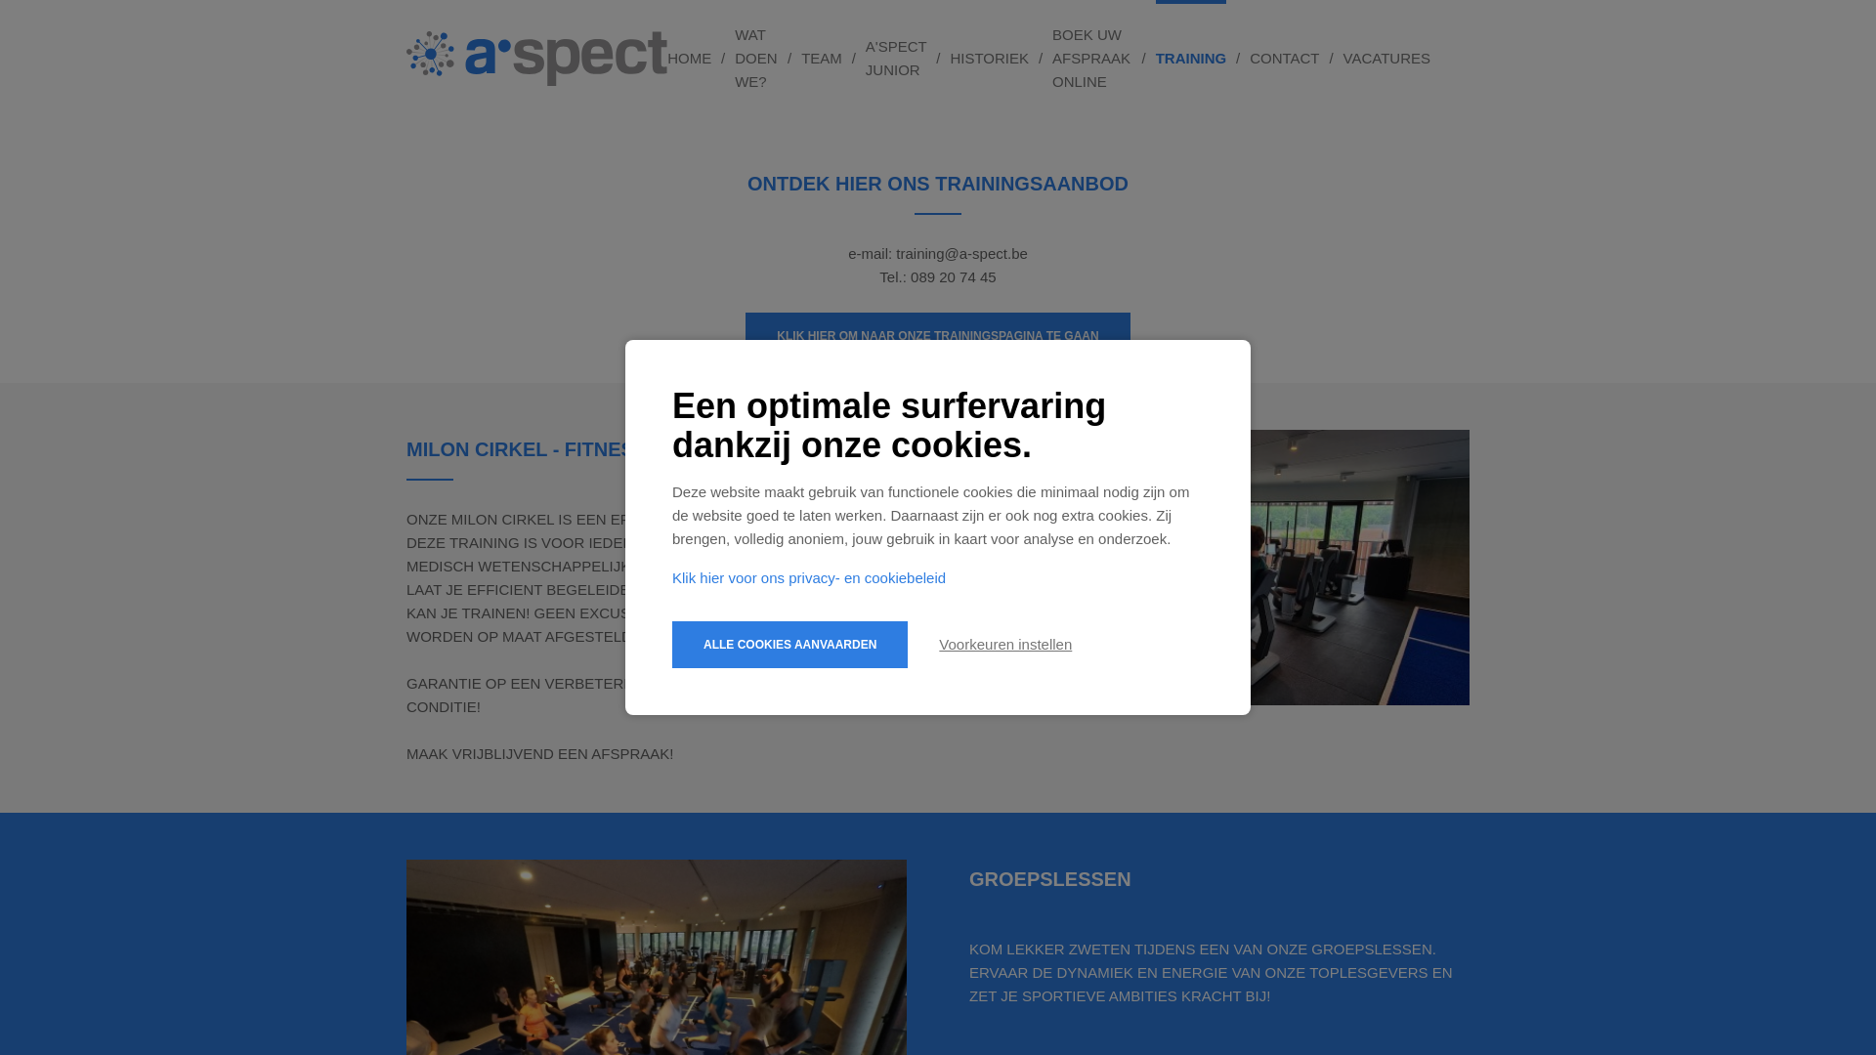 The height and width of the screenshot is (1055, 1876). Describe the element at coordinates (734, 58) in the screenshot. I see `'WAT DOEN WE?'` at that location.